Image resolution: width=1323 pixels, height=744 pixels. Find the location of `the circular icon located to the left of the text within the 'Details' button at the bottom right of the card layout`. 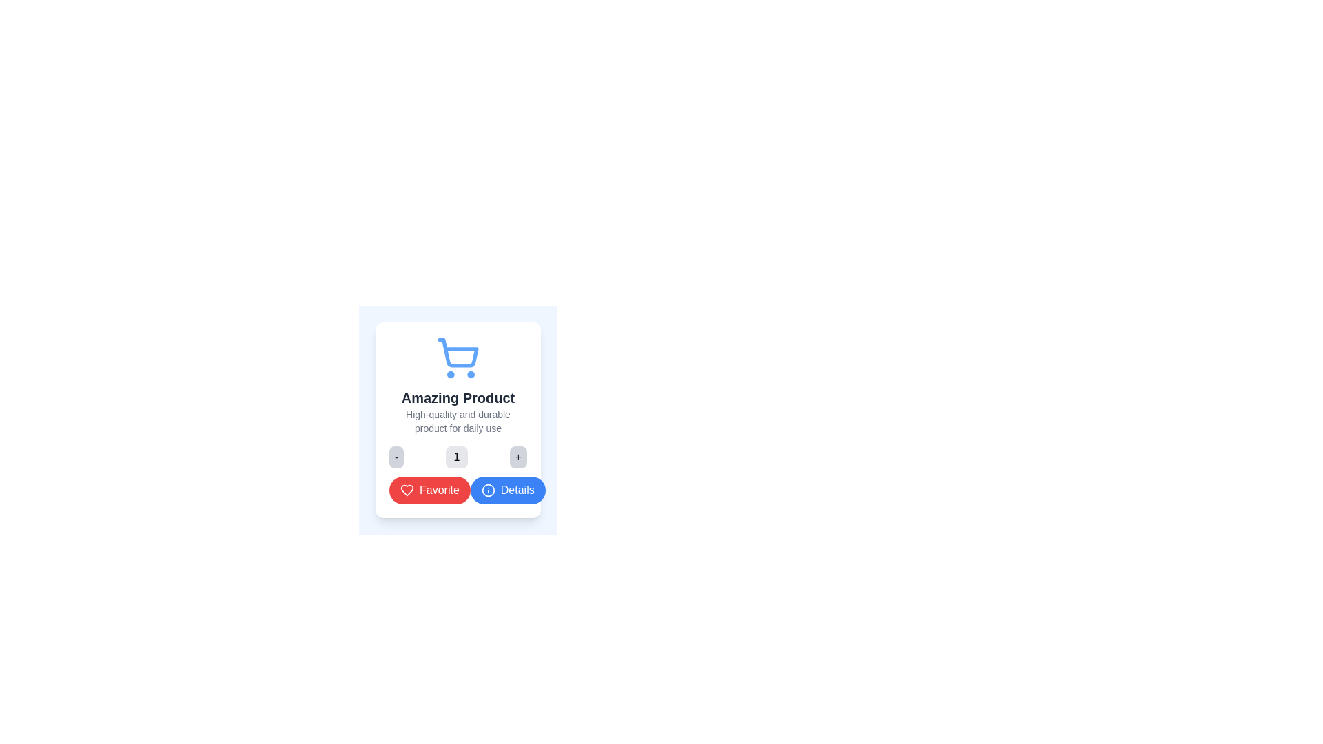

the circular icon located to the left of the text within the 'Details' button at the bottom right of the card layout is located at coordinates (488, 490).